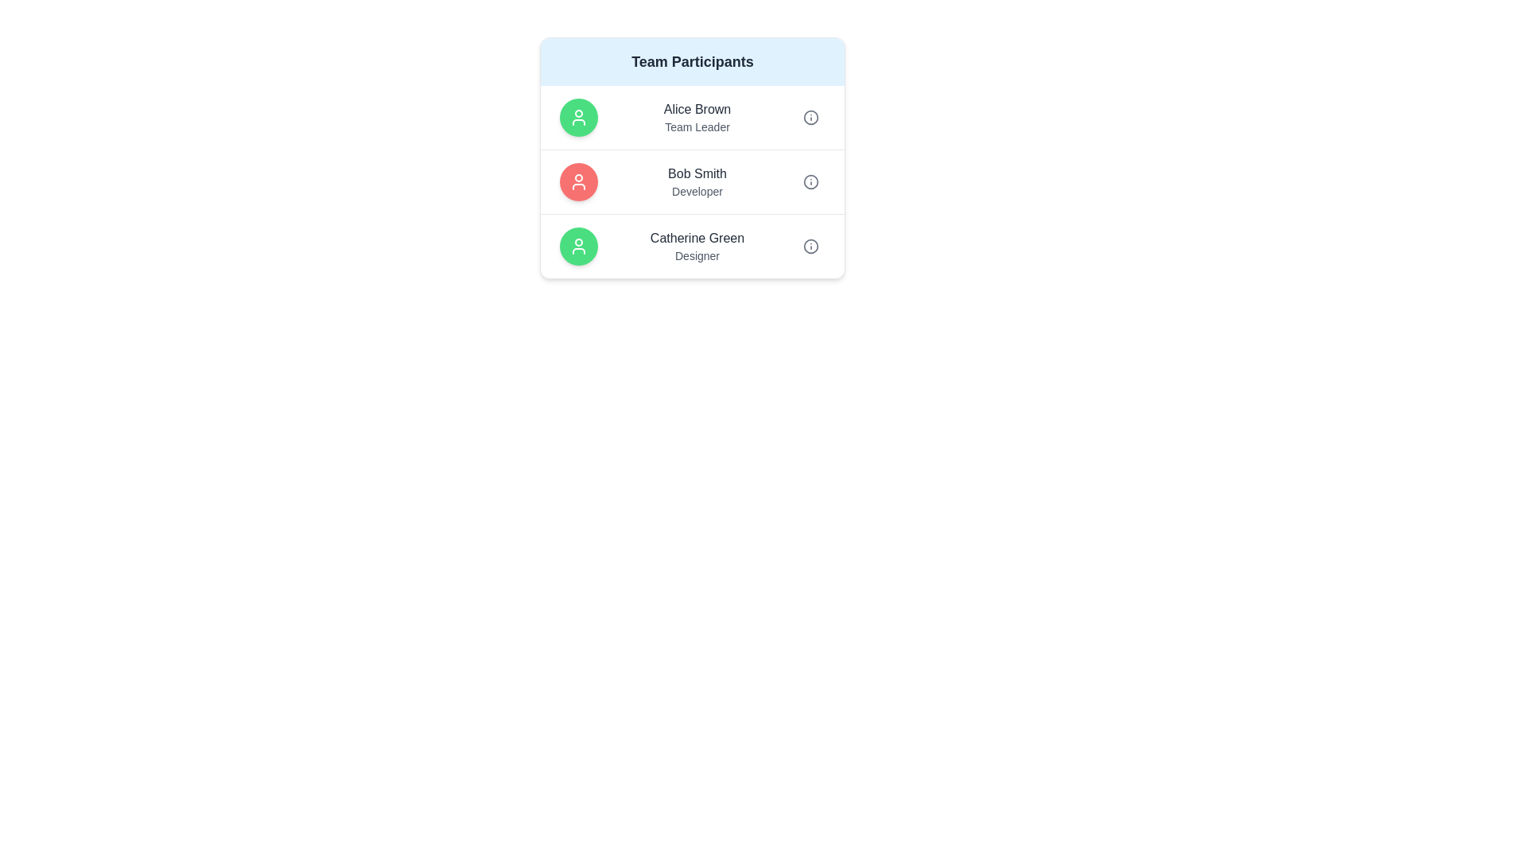 The width and height of the screenshot is (1527, 859). What do you see at coordinates (697, 239) in the screenshot?
I see `the label displaying the participant's name 'Catherine Green' in the third row of the participant list, positioned above the smaller text element 'Designer'` at bounding box center [697, 239].